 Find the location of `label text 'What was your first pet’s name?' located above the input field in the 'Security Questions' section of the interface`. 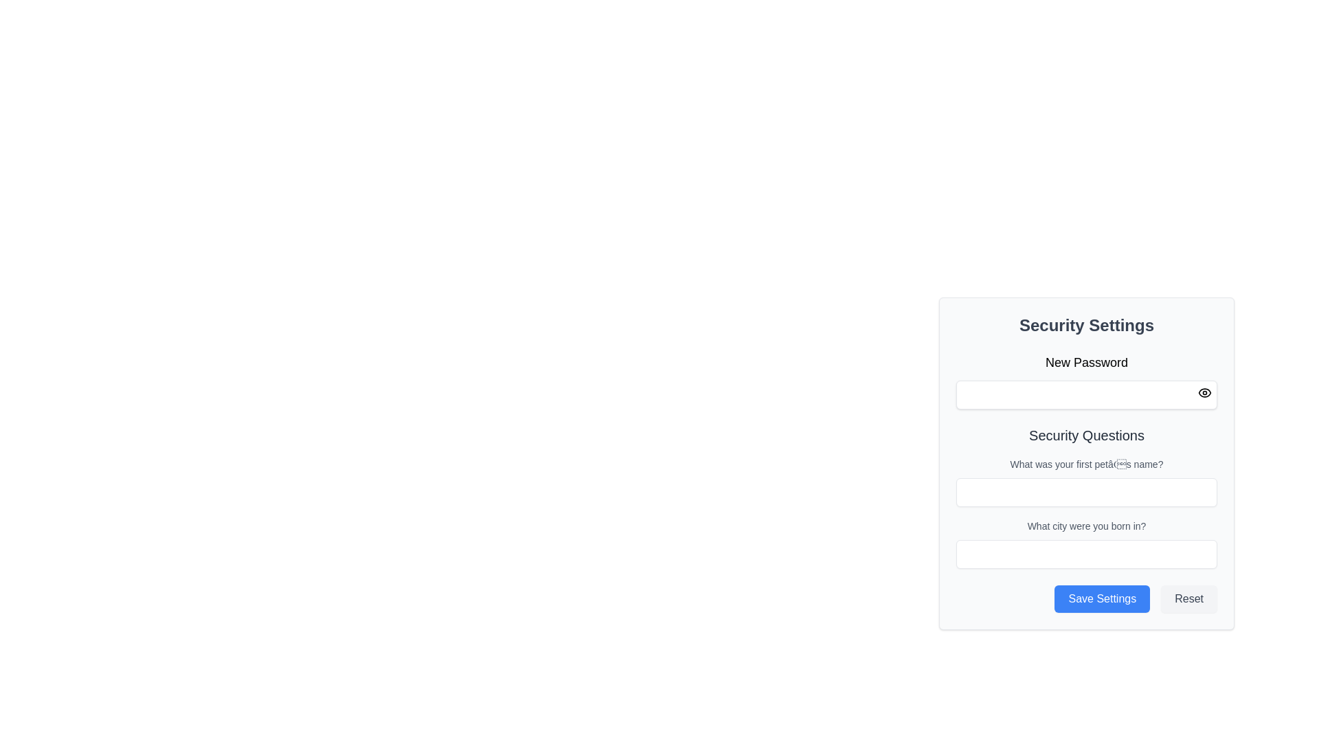

label text 'What was your first pet’s name?' located above the input field in the 'Security Questions' section of the interface is located at coordinates (1086, 464).